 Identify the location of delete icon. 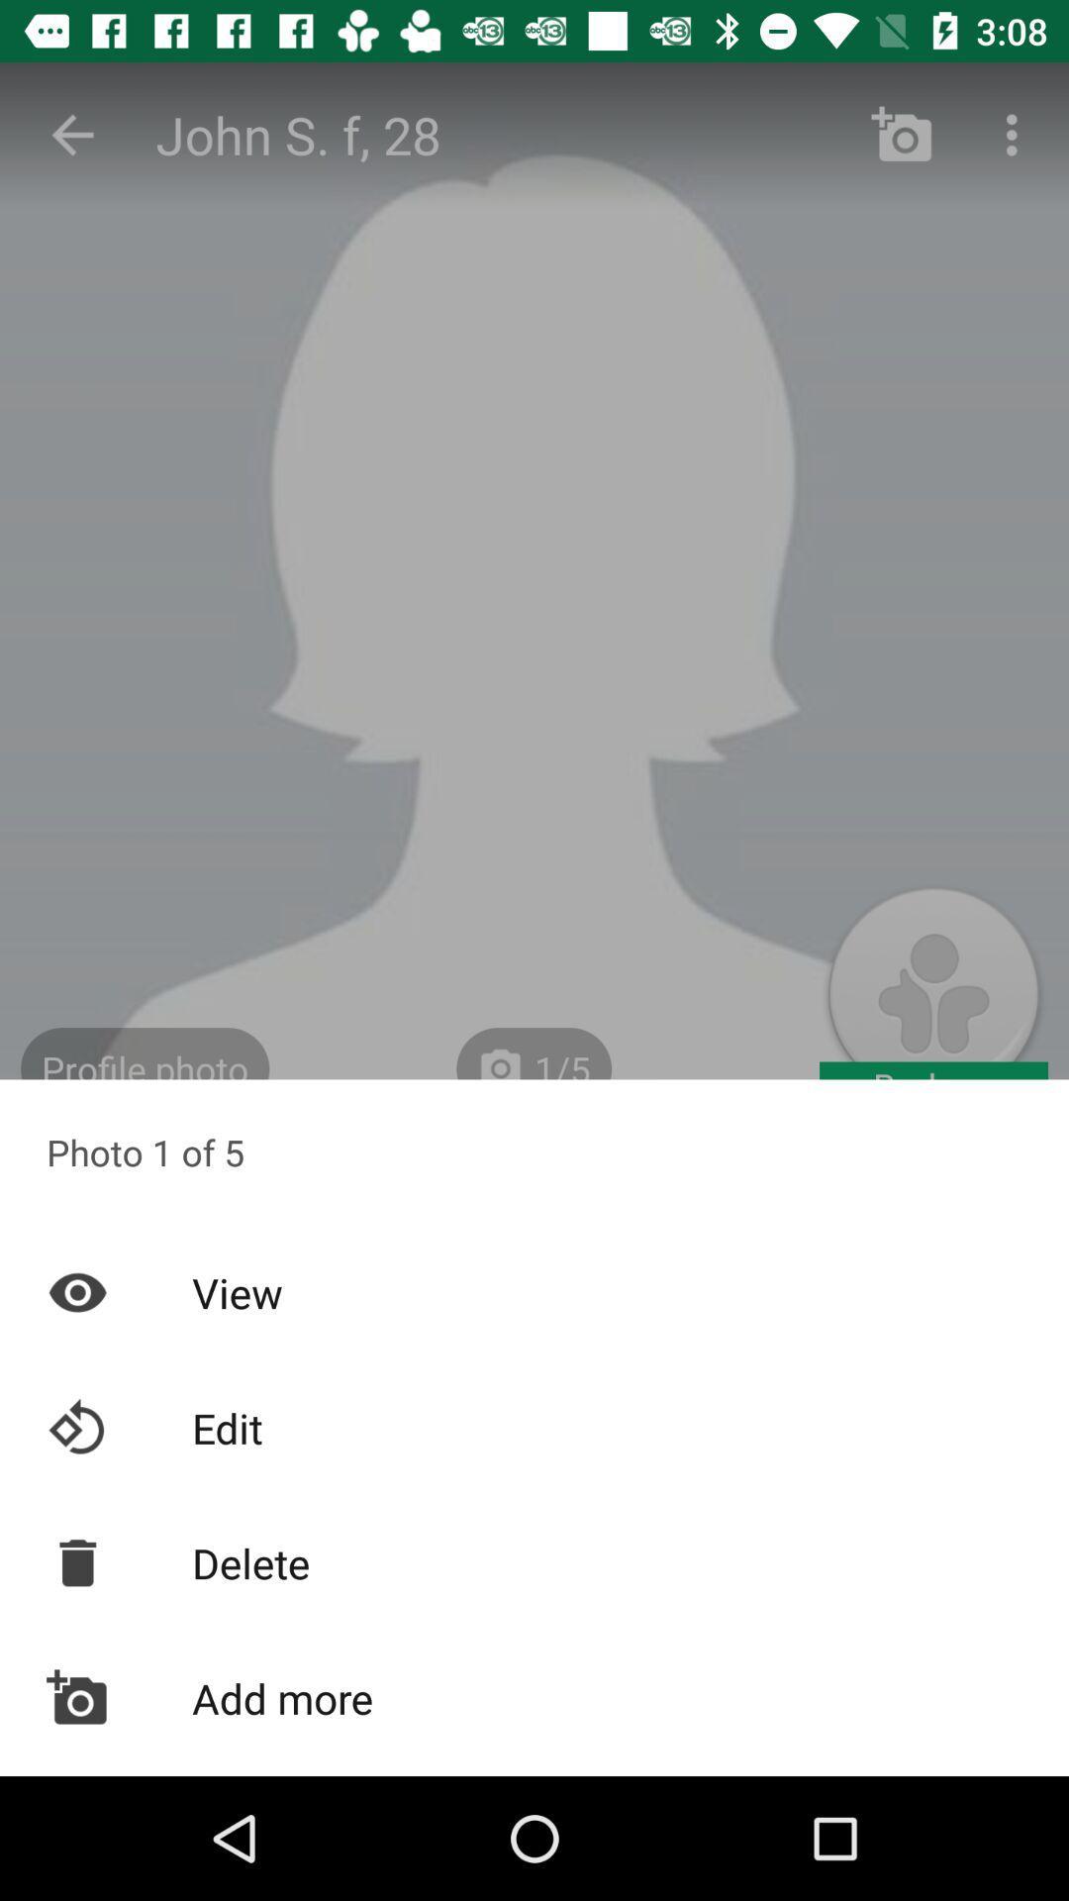
(534, 1561).